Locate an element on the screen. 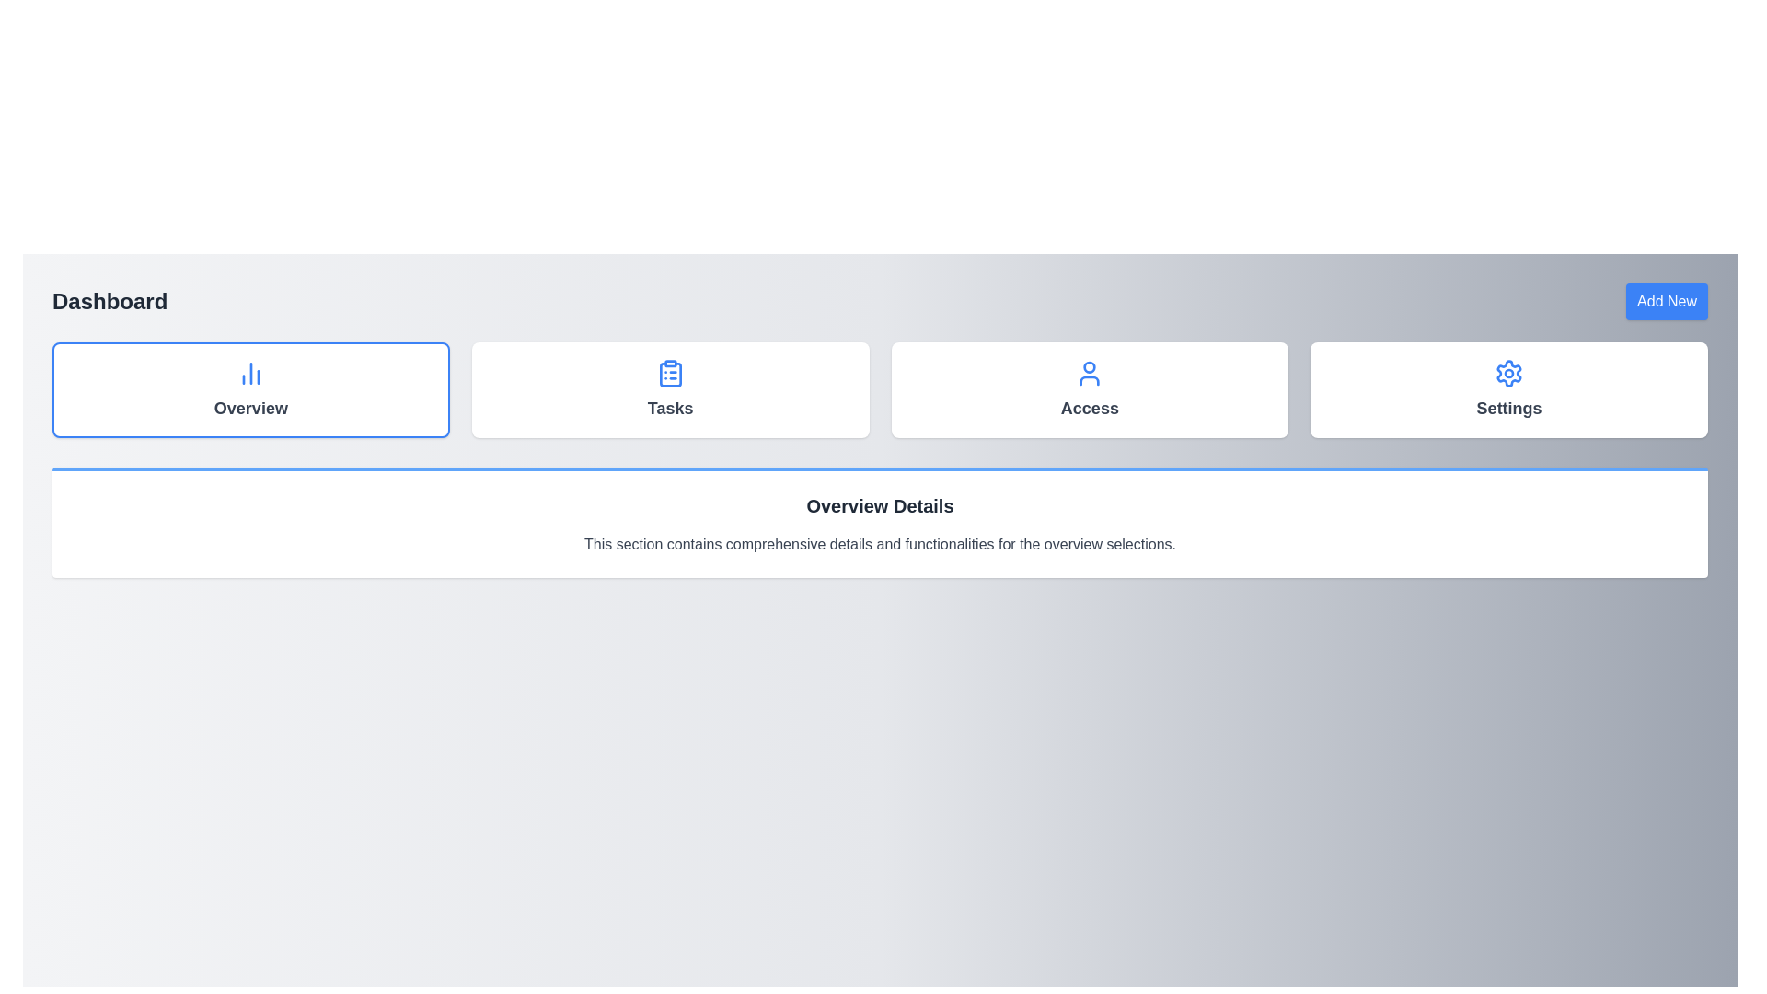  the text label that reads 'Overview' which is styled in bold, large font, colored medium gray, located at the bottom center of the first card in the Dashboard section is located at coordinates (249, 407).